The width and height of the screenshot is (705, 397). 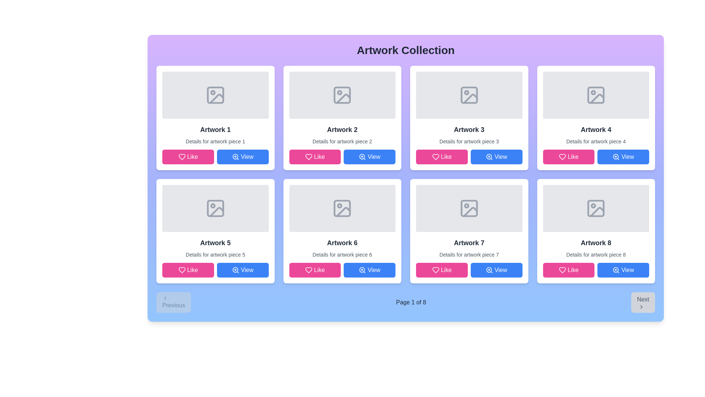 I want to click on the Heart-shaped icon within the pink 'Like' button for 'Artwork 4', so click(x=562, y=157).